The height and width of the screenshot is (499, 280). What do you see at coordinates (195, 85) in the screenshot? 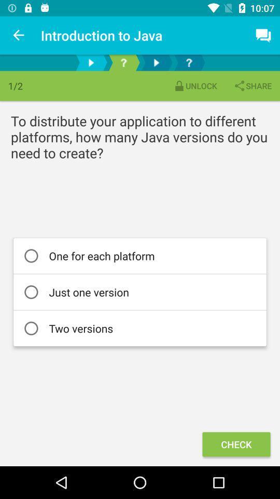
I see `the item above to distribute your` at bounding box center [195, 85].